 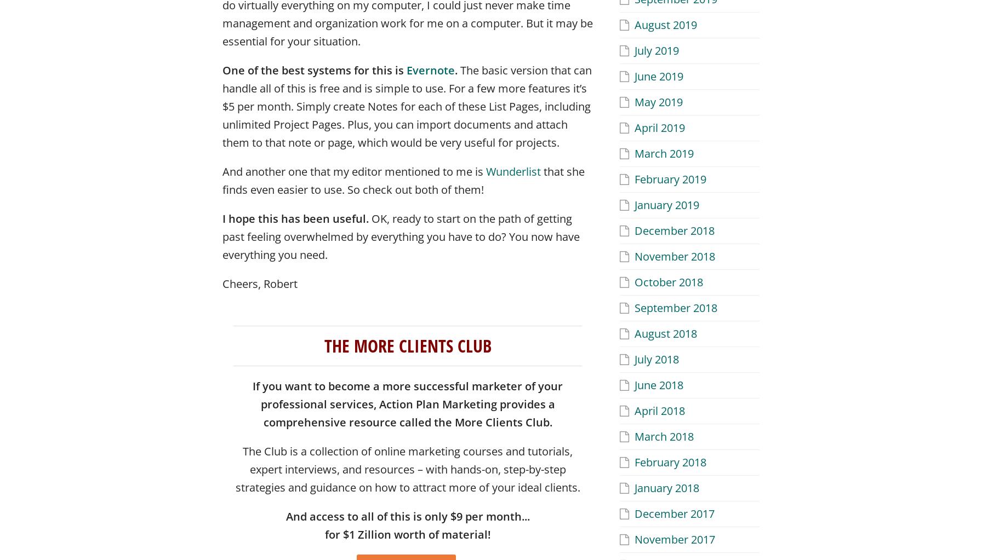 I want to click on 'February 2019', so click(x=670, y=178).